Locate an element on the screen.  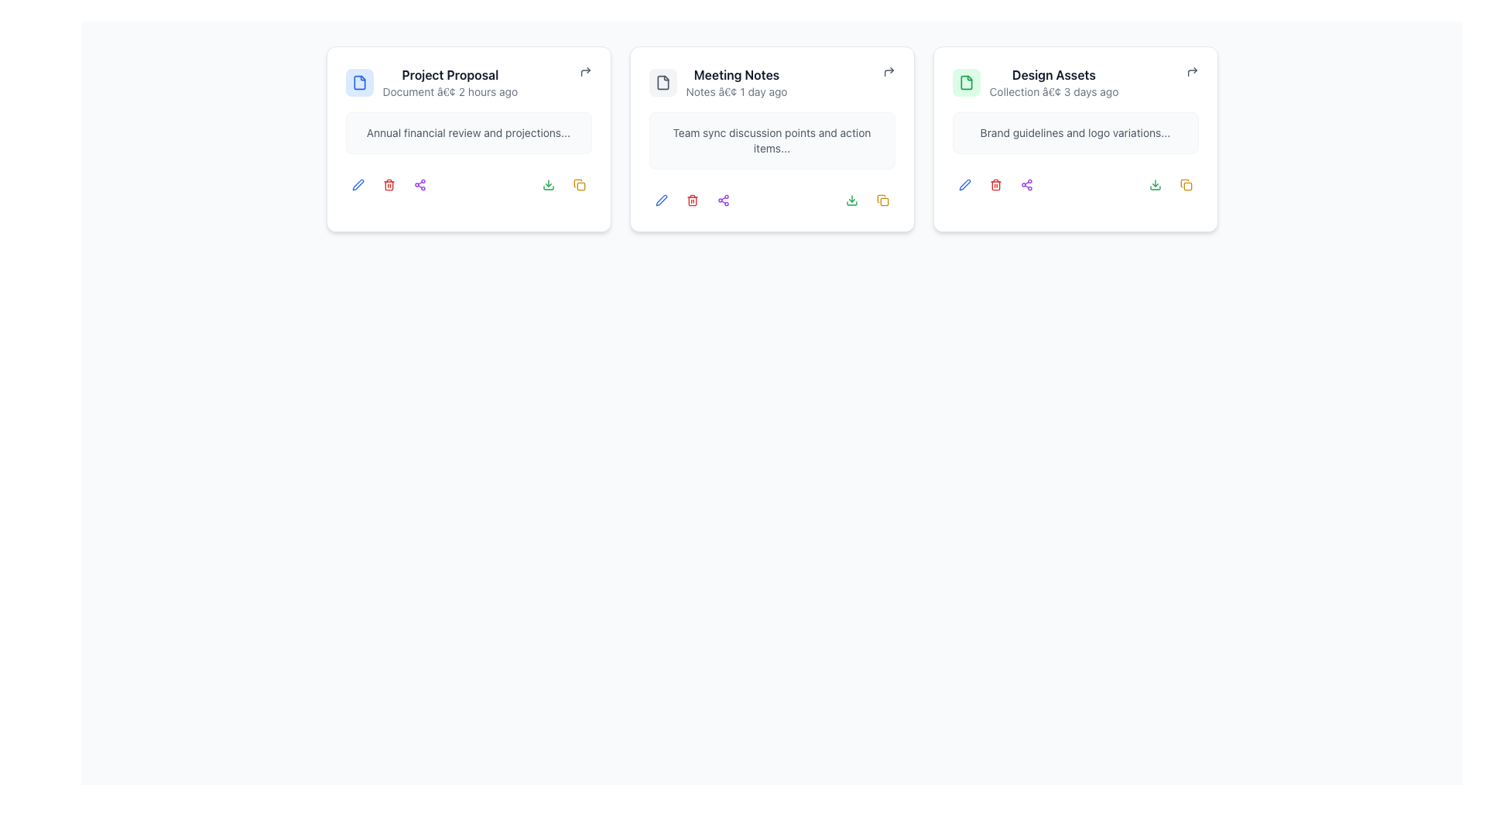
the delete button icon, which is the second icon from the left in the Project Proposal card is located at coordinates (389, 184).